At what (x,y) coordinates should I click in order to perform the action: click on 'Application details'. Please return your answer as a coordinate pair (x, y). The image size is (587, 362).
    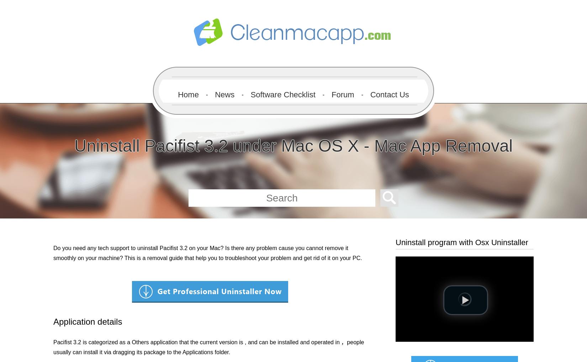
    Looking at the image, I should click on (53, 322).